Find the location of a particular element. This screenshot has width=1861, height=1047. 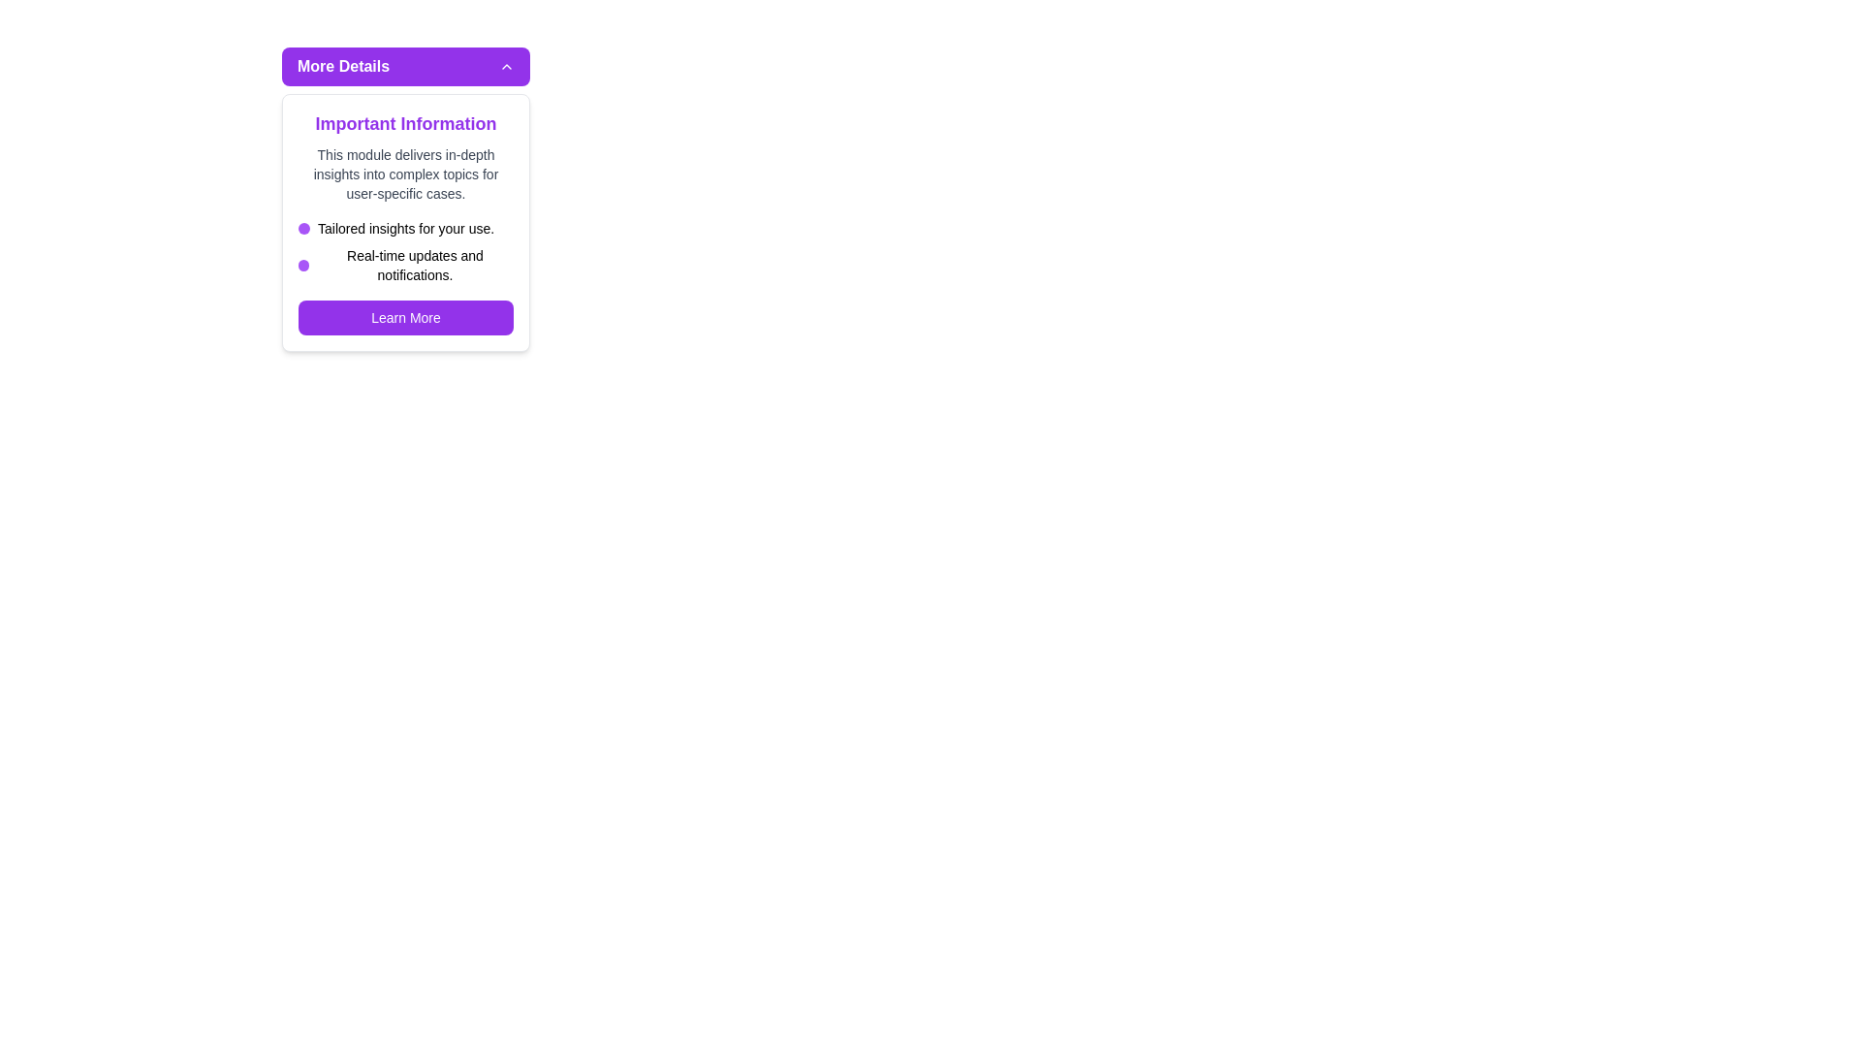

the small upward arrow icon located in the top-right corner of the 'More Details' button with a purple background is located at coordinates (507, 66).